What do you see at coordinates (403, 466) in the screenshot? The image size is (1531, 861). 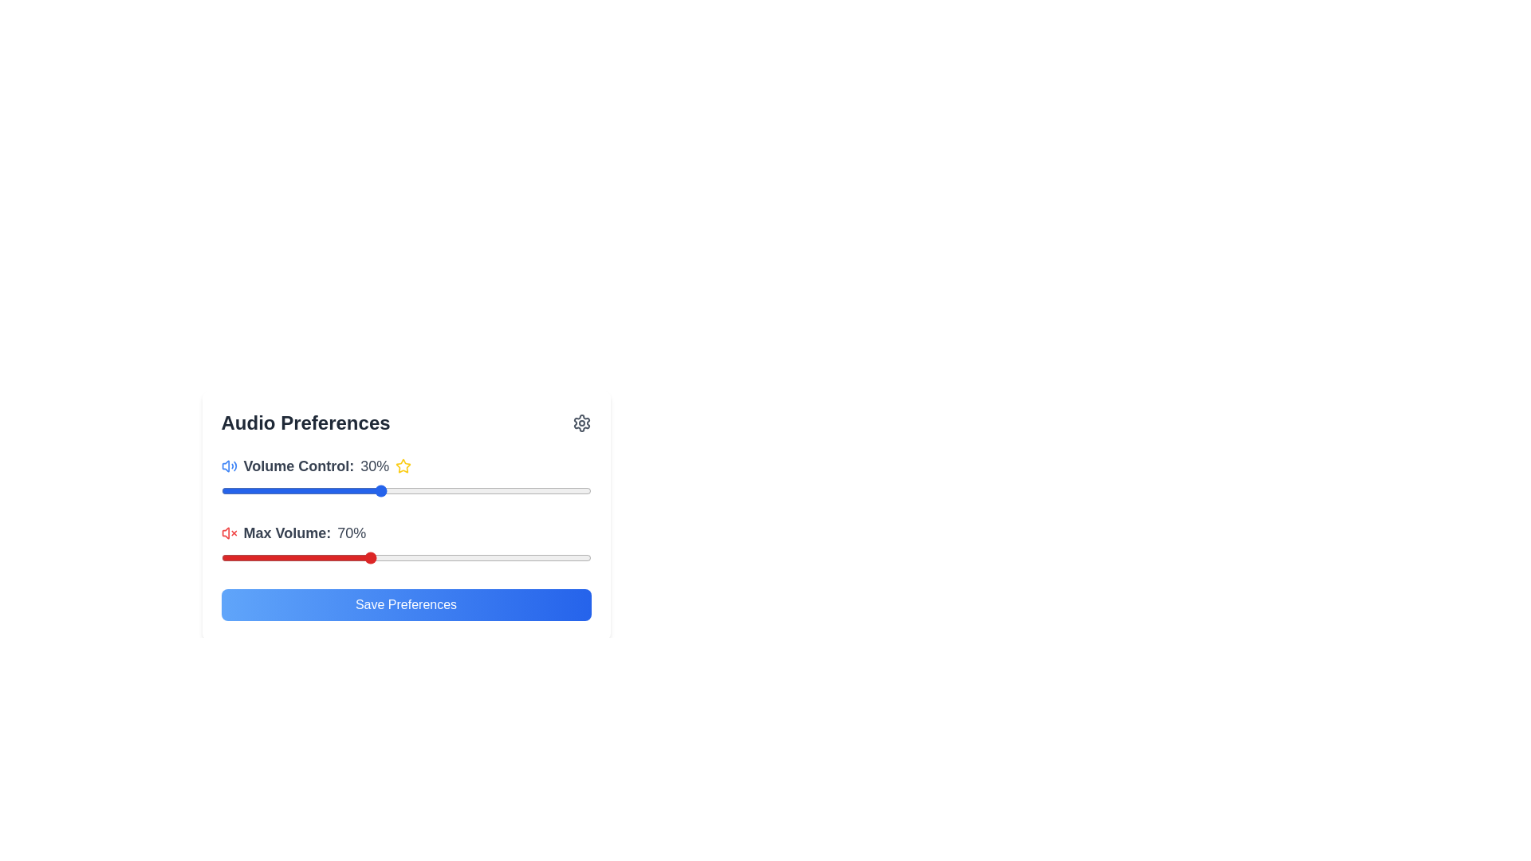 I see `the decorative star icon located to the right of the 'Volume Control: 30%' text in the 'Audio Preferences' section` at bounding box center [403, 466].